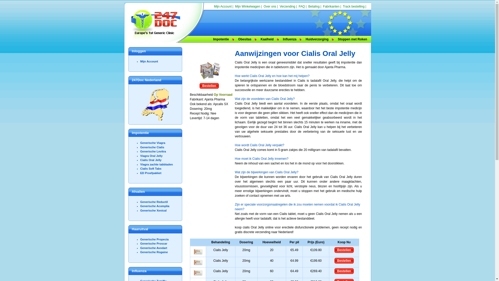 The image size is (499, 281). Describe the element at coordinates (153, 210) in the screenshot. I see `'Generische Xenical'` at that location.